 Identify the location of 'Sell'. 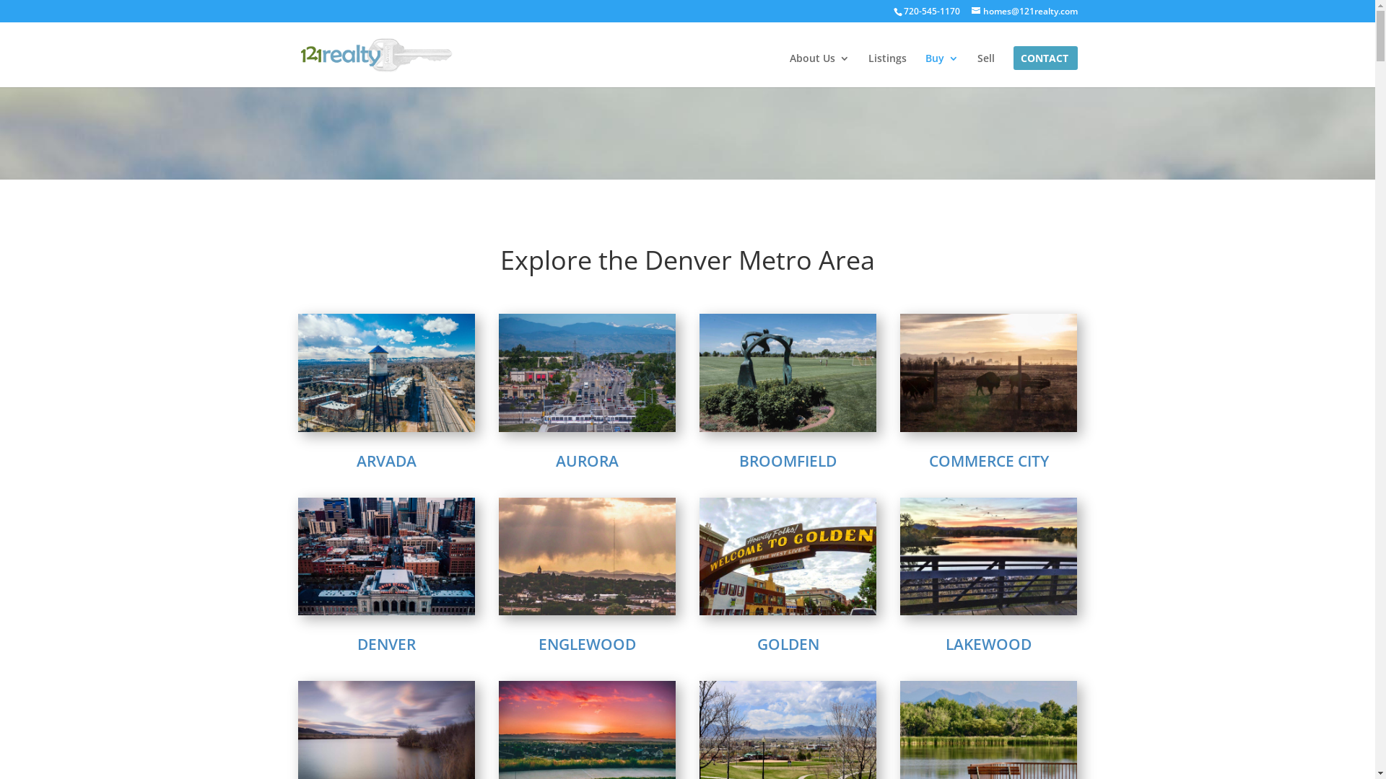
(985, 70).